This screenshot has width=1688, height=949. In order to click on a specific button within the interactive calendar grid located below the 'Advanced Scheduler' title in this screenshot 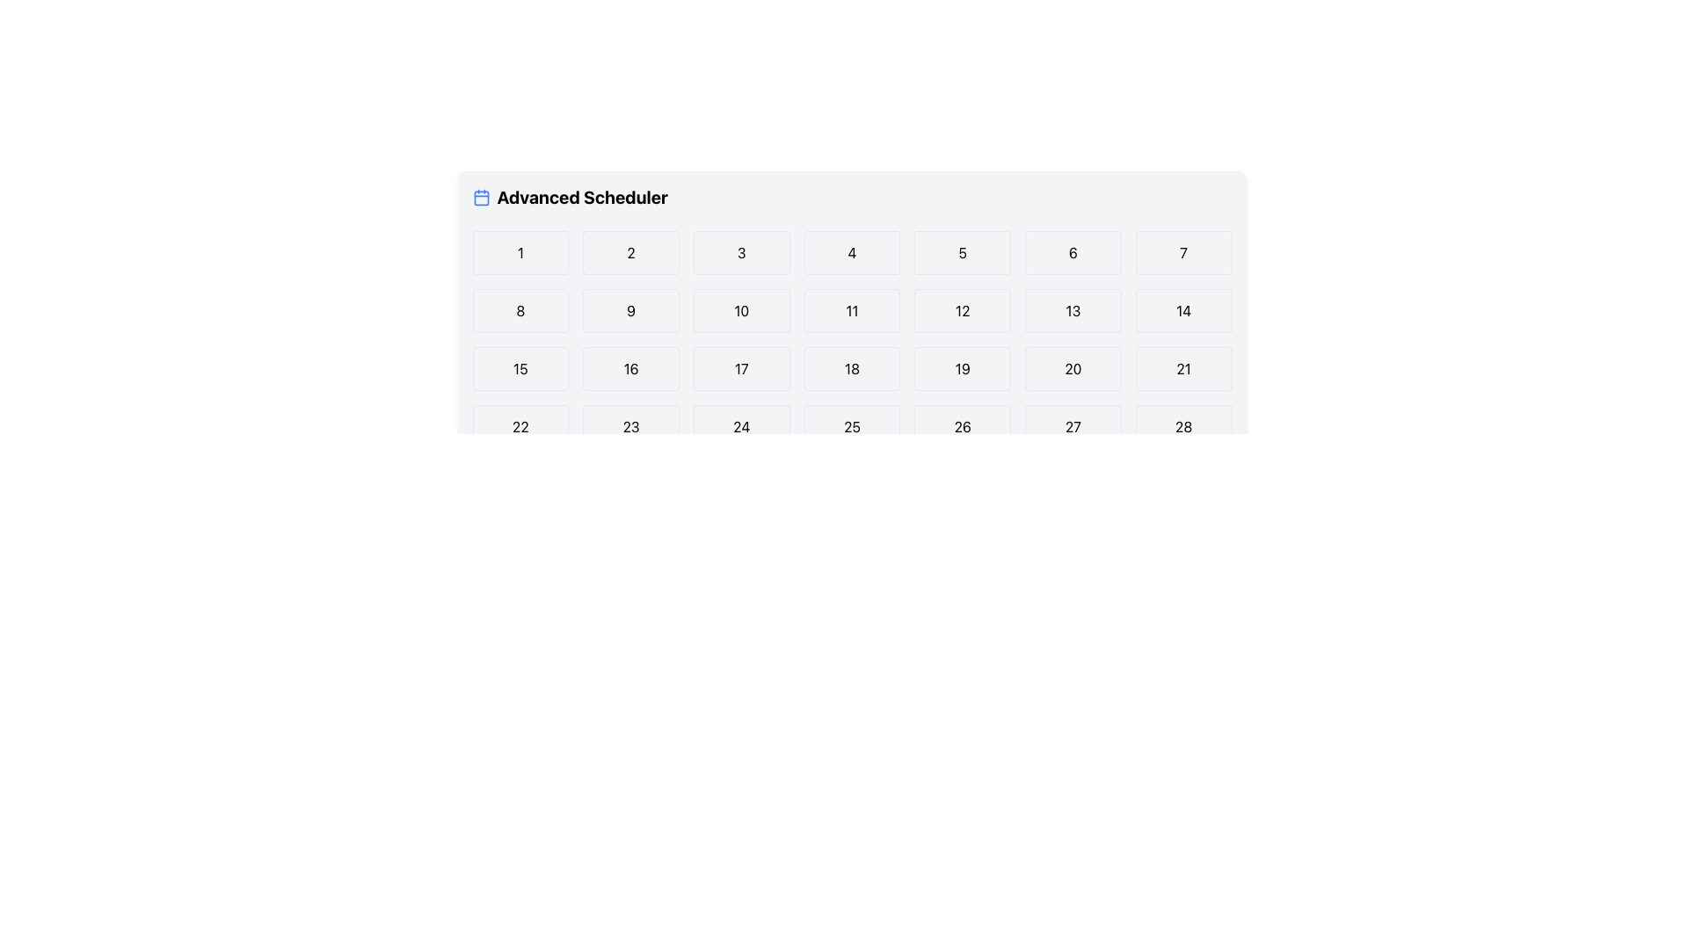, I will do `click(852, 368)`.